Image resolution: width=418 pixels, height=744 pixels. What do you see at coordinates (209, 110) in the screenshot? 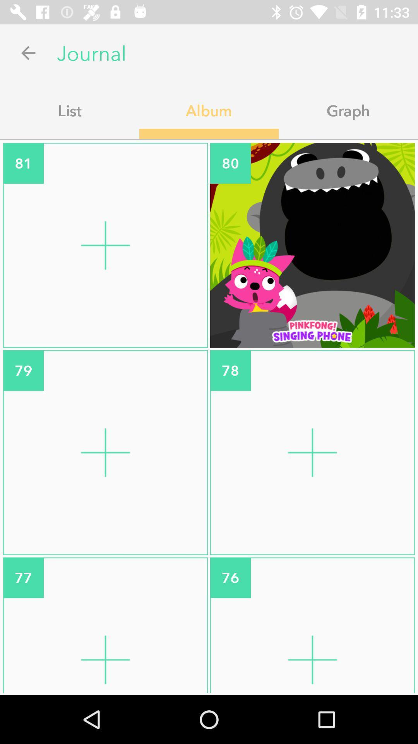
I see `album icon` at bounding box center [209, 110].